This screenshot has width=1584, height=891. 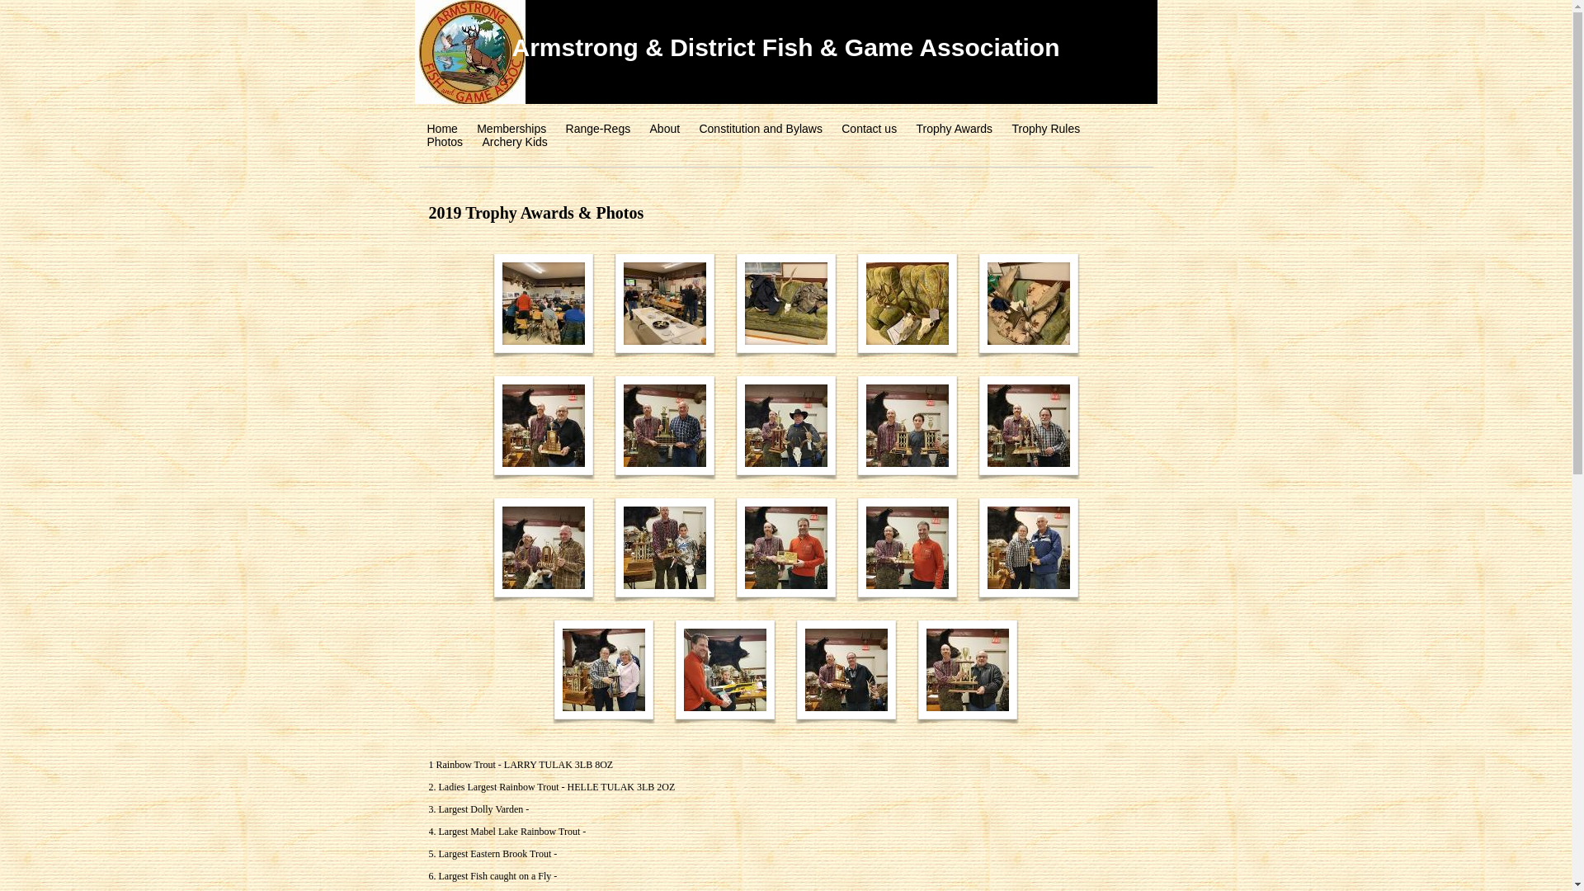 I want to click on 'Range-Regs', so click(x=566, y=127).